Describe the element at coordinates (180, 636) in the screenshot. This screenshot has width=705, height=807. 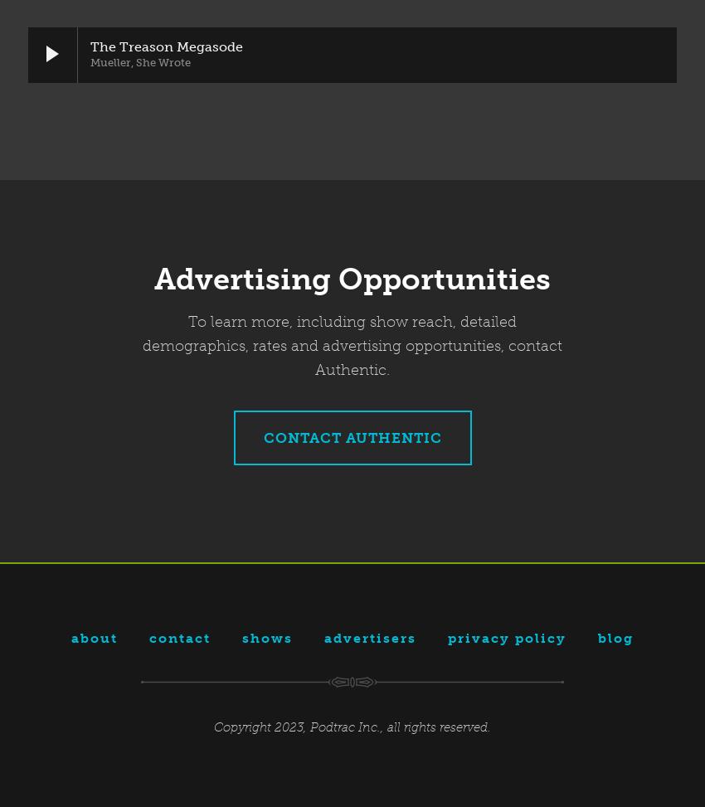
I see `'Contact'` at that location.